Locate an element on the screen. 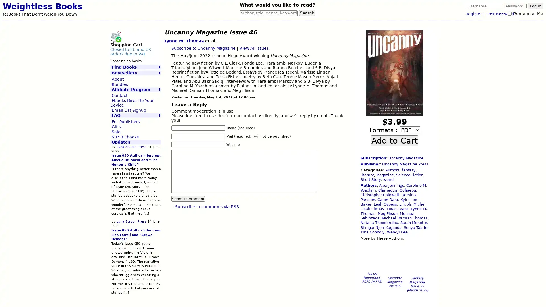 This screenshot has width=546, height=307. Search is located at coordinates (307, 13).